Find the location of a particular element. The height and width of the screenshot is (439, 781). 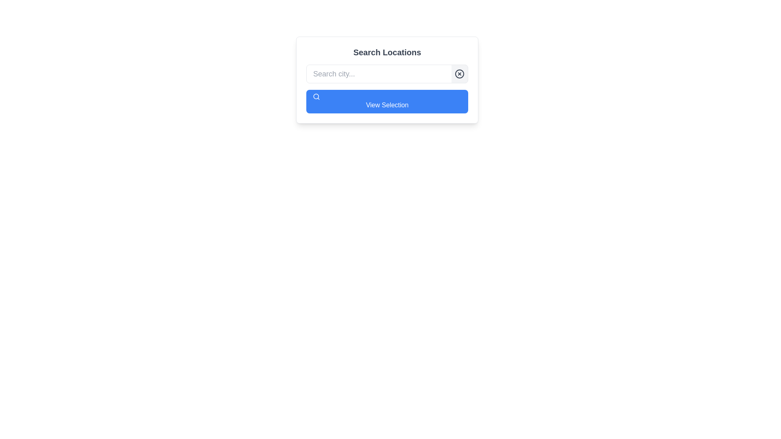

the functionality associated with the decorative icon element positioned to the right of the search input field in the modal layout is located at coordinates (316, 96).